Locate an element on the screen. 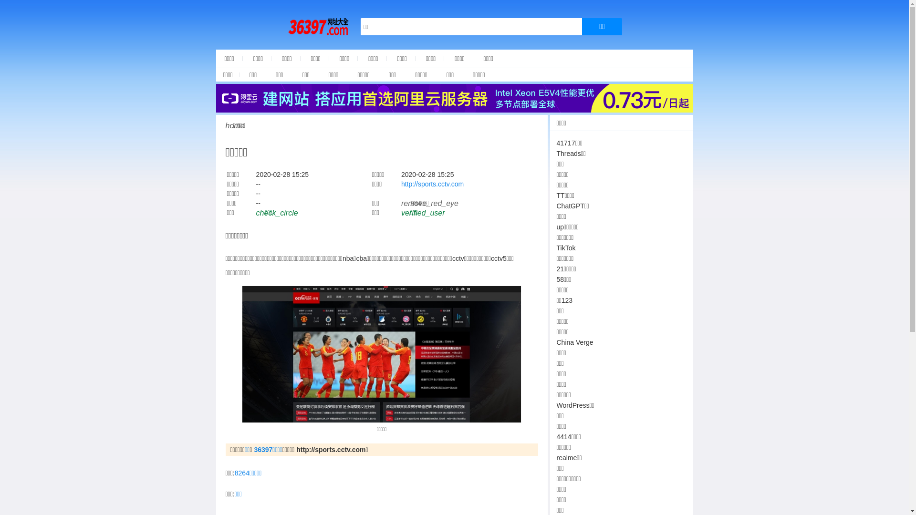 The height and width of the screenshot is (515, 916). 'http://sports.cctv.com' is located at coordinates (432, 184).